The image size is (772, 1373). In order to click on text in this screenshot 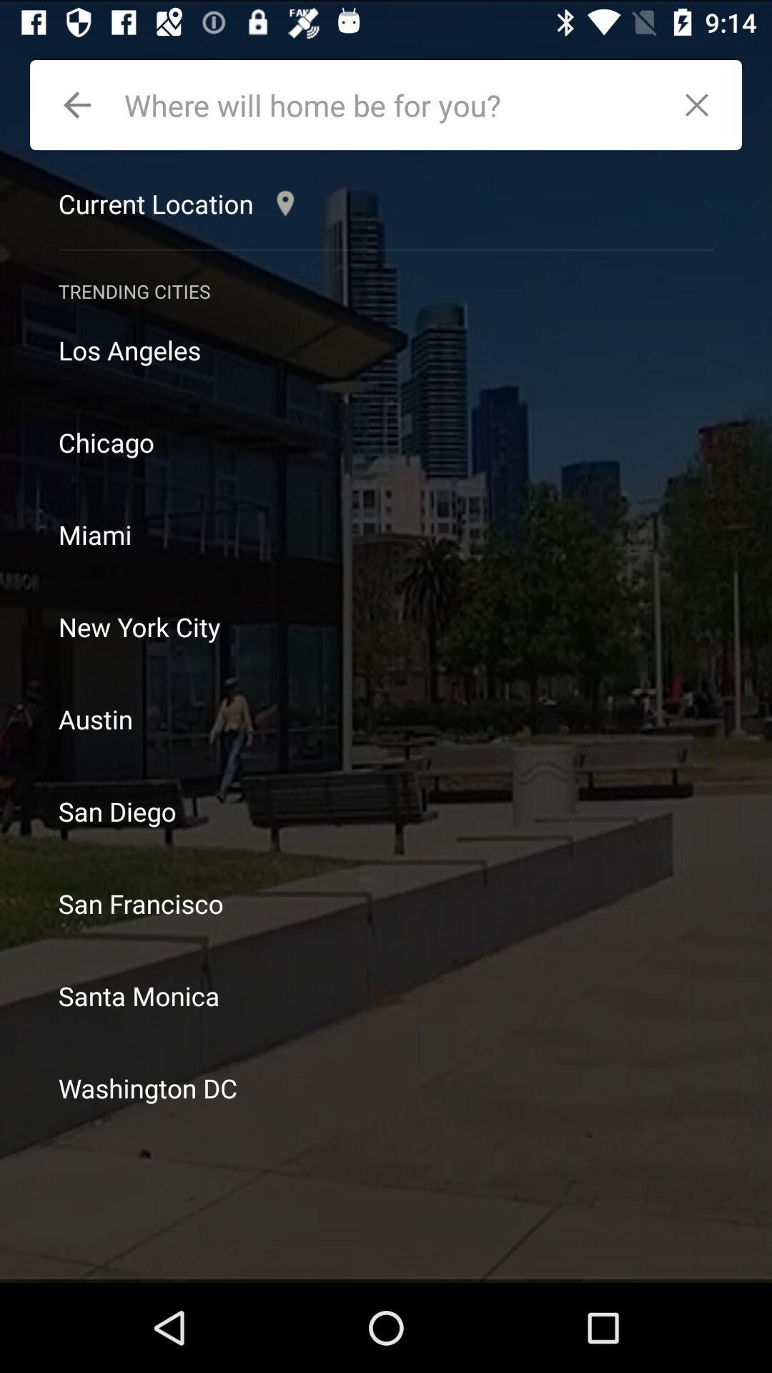, I will do `click(390, 104)`.